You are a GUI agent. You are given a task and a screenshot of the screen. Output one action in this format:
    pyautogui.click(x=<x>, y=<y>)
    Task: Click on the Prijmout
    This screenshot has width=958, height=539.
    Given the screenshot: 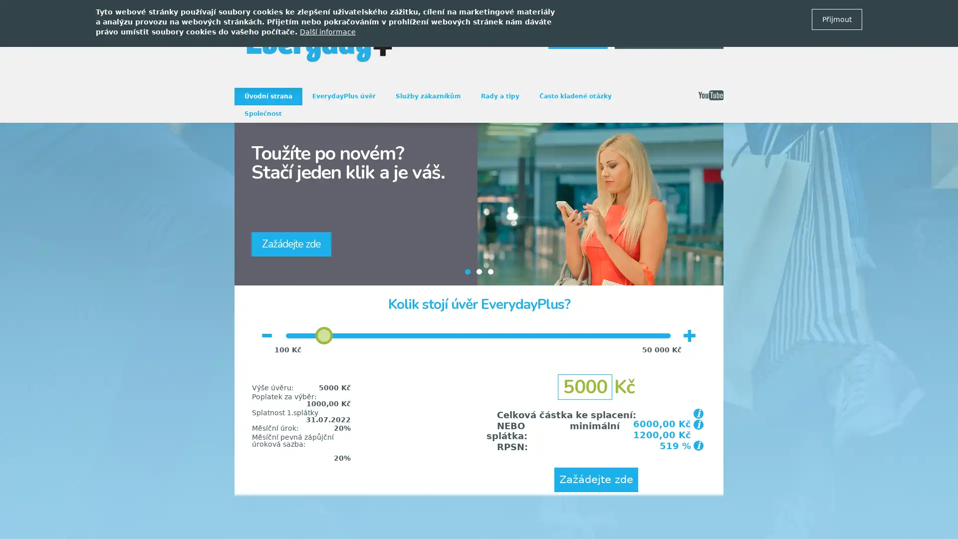 What is the action you would take?
    pyautogui.click(x=837, y=19)
    